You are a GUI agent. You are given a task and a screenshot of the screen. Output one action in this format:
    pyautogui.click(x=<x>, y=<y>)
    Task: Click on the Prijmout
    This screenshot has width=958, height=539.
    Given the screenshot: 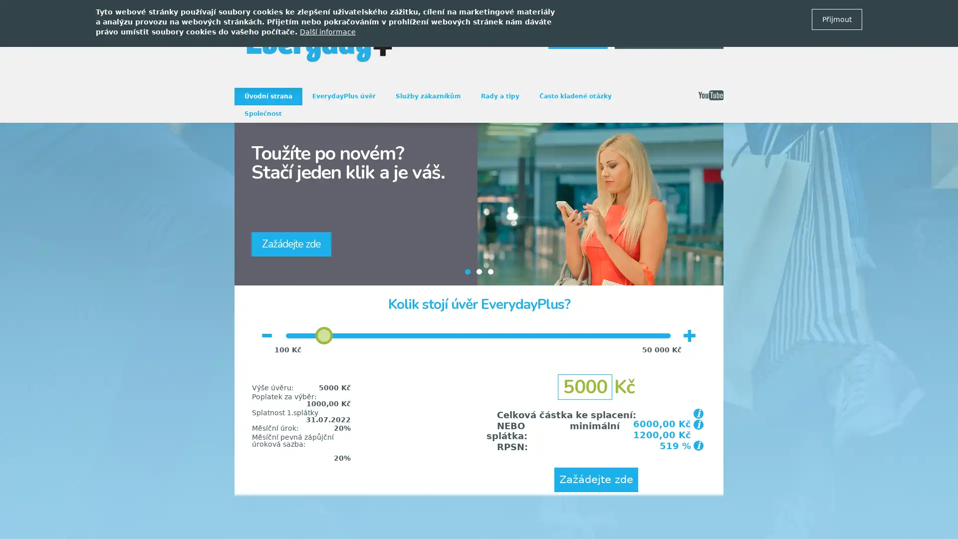 What is the action you would take?
    pyautogui.click(x=837, y=19)
    